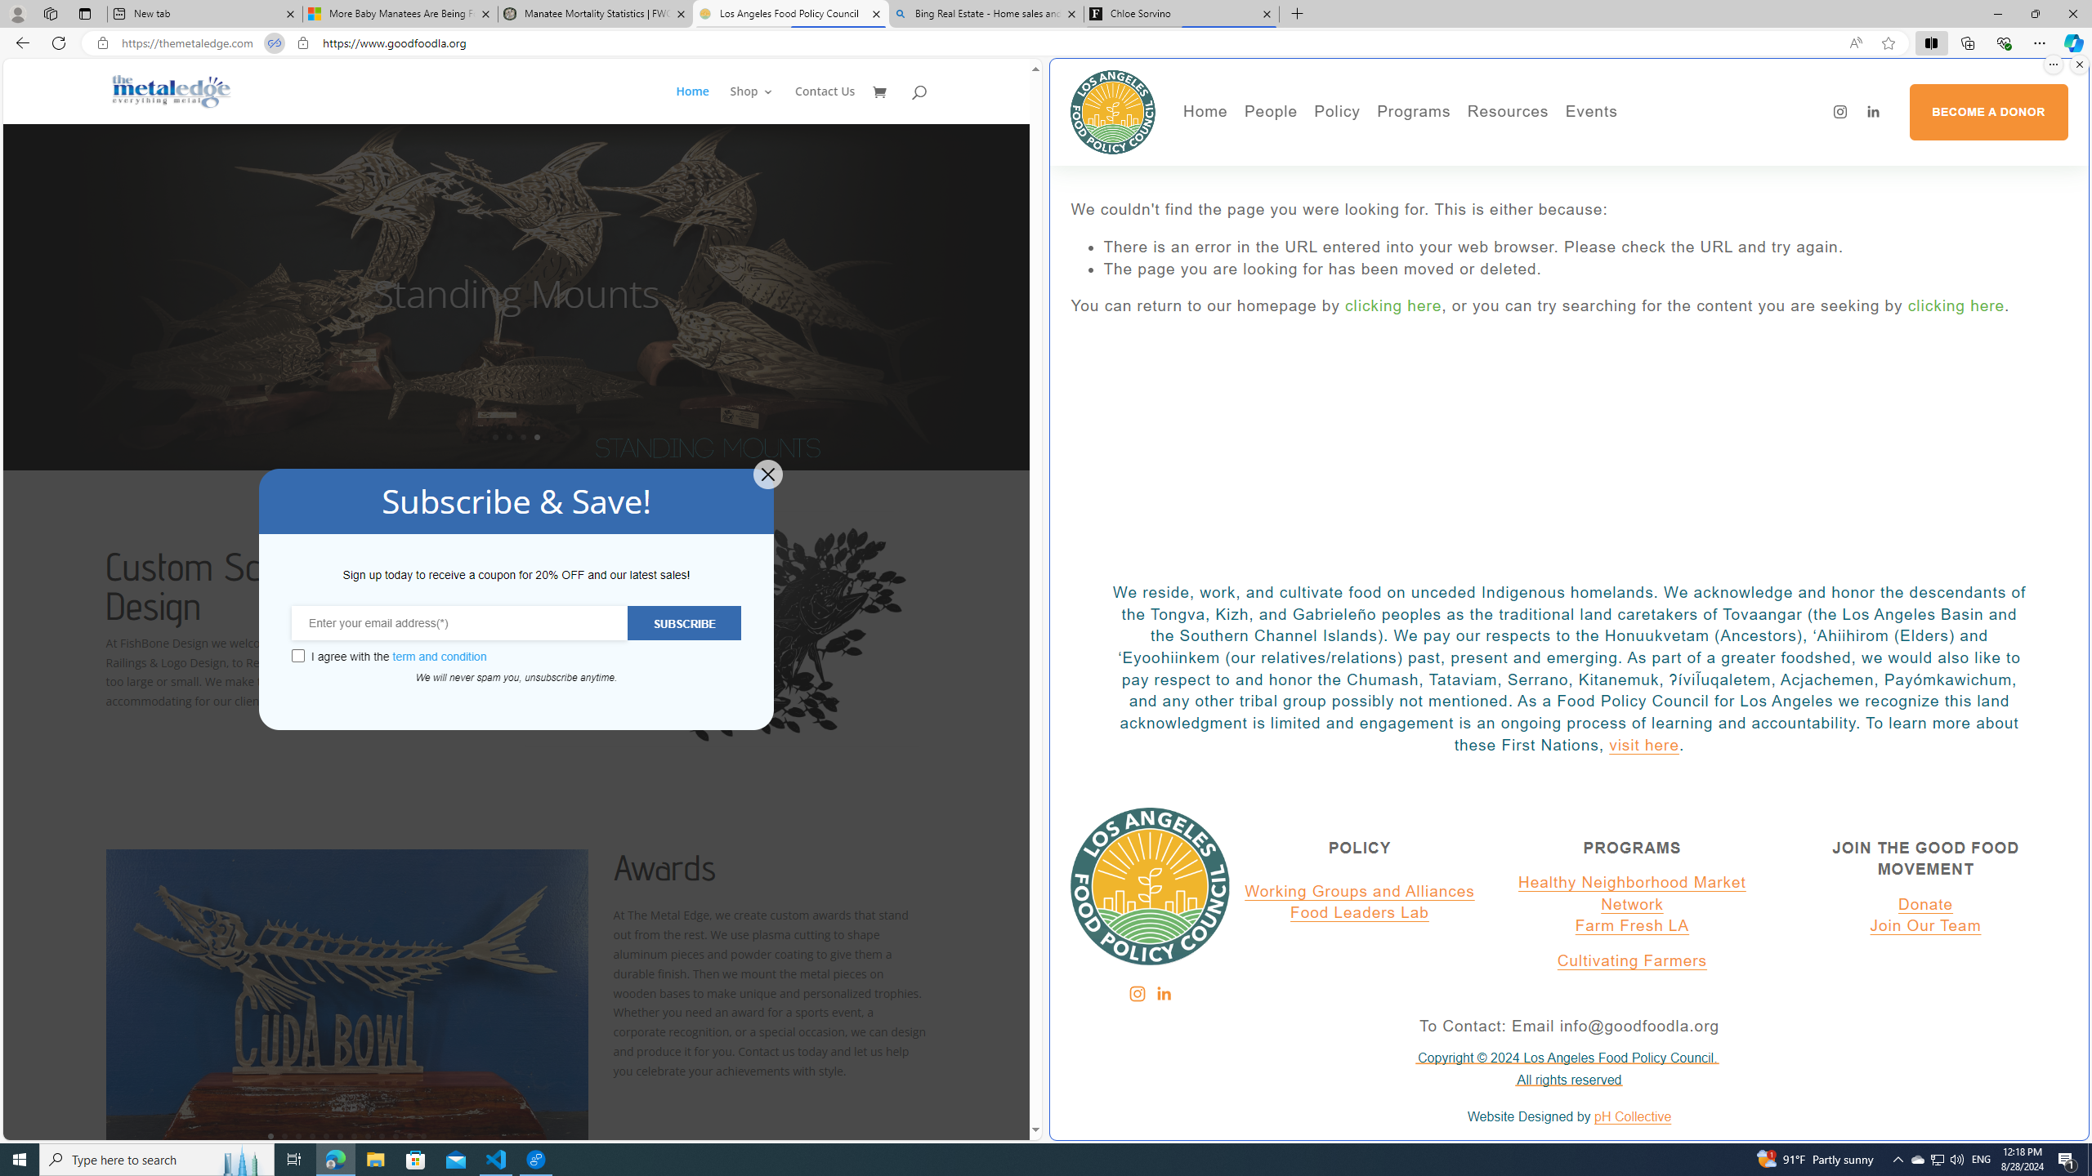  Describe the element at coordinates (984, 13) in the screenshot. I see `'Bing Real Estate - Home sales and rental listings'` at that location.